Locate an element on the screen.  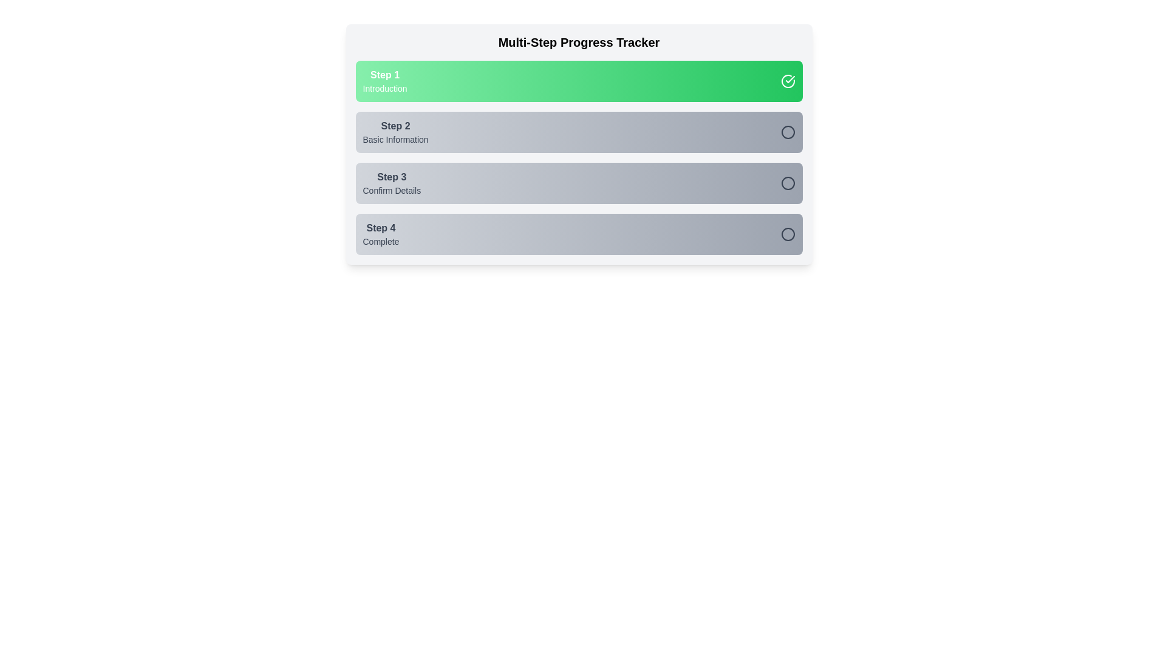
the 'Step 1' text label, which is displayed in bold font at the top of the green horizontal bar in the multi-step progress tracker interface is located at coordinates (384, 75).